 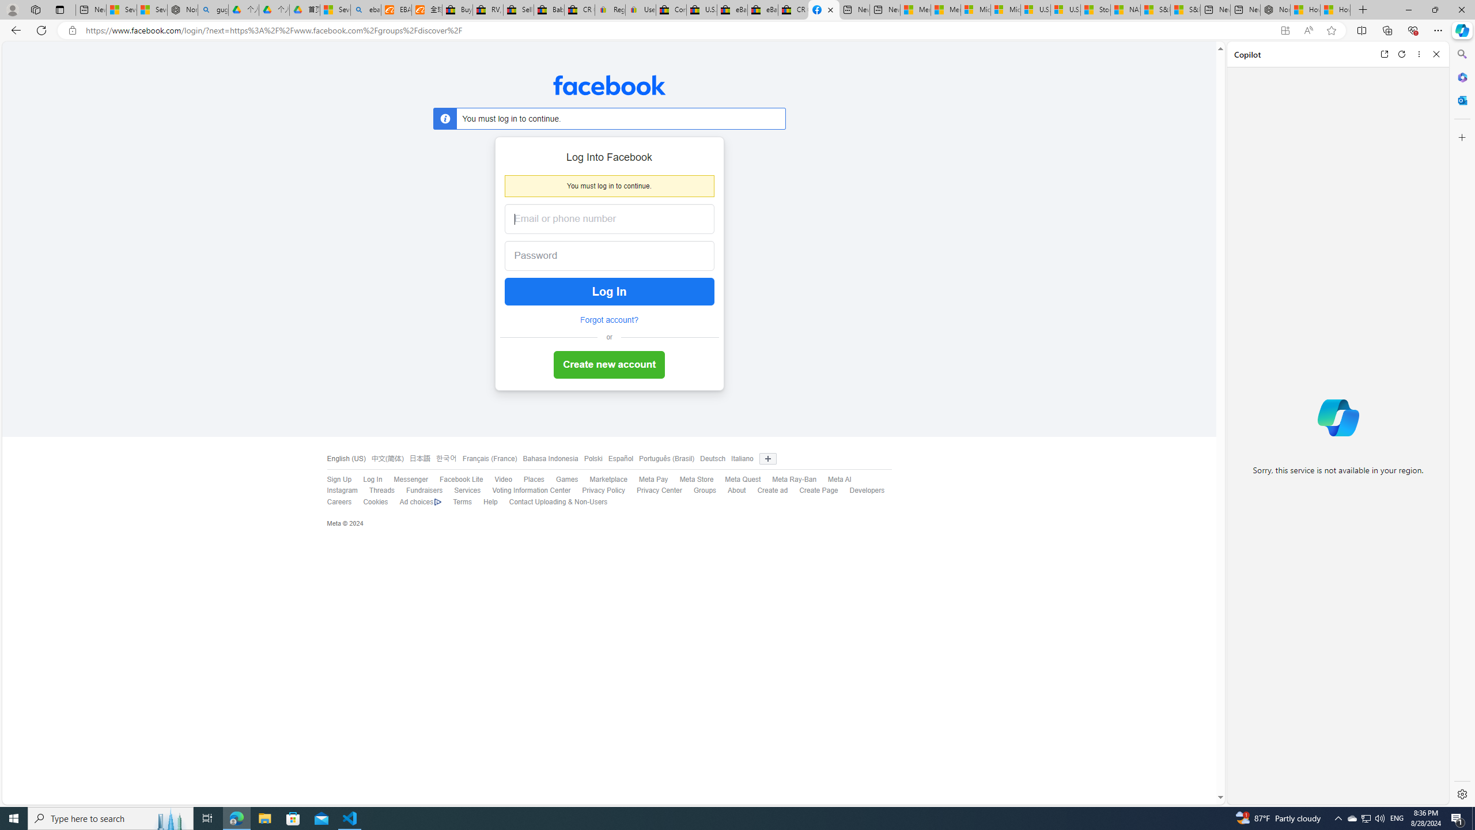 I want to click on 'Sell worldwide with eBay', so click(x=517, y=9).